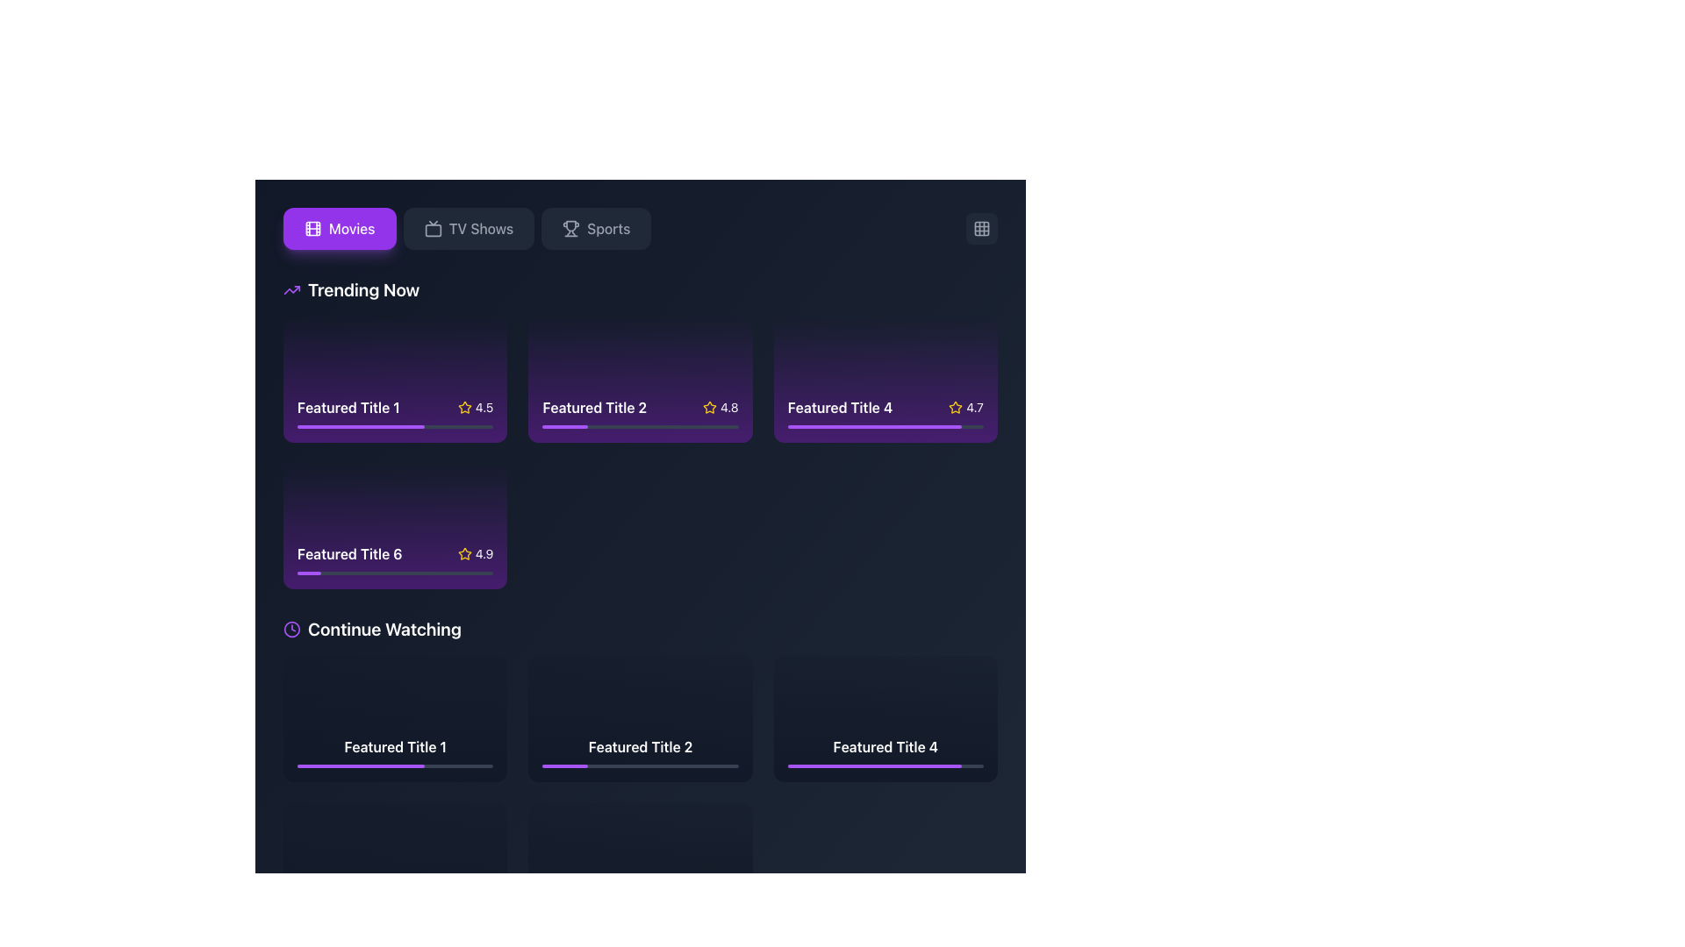 The width and height of the screenshot is (1685, 947). Describe the element at coordinates (571, 228) in the screenshot. I see `the trophy icon within the 'Sports' button` at that location.